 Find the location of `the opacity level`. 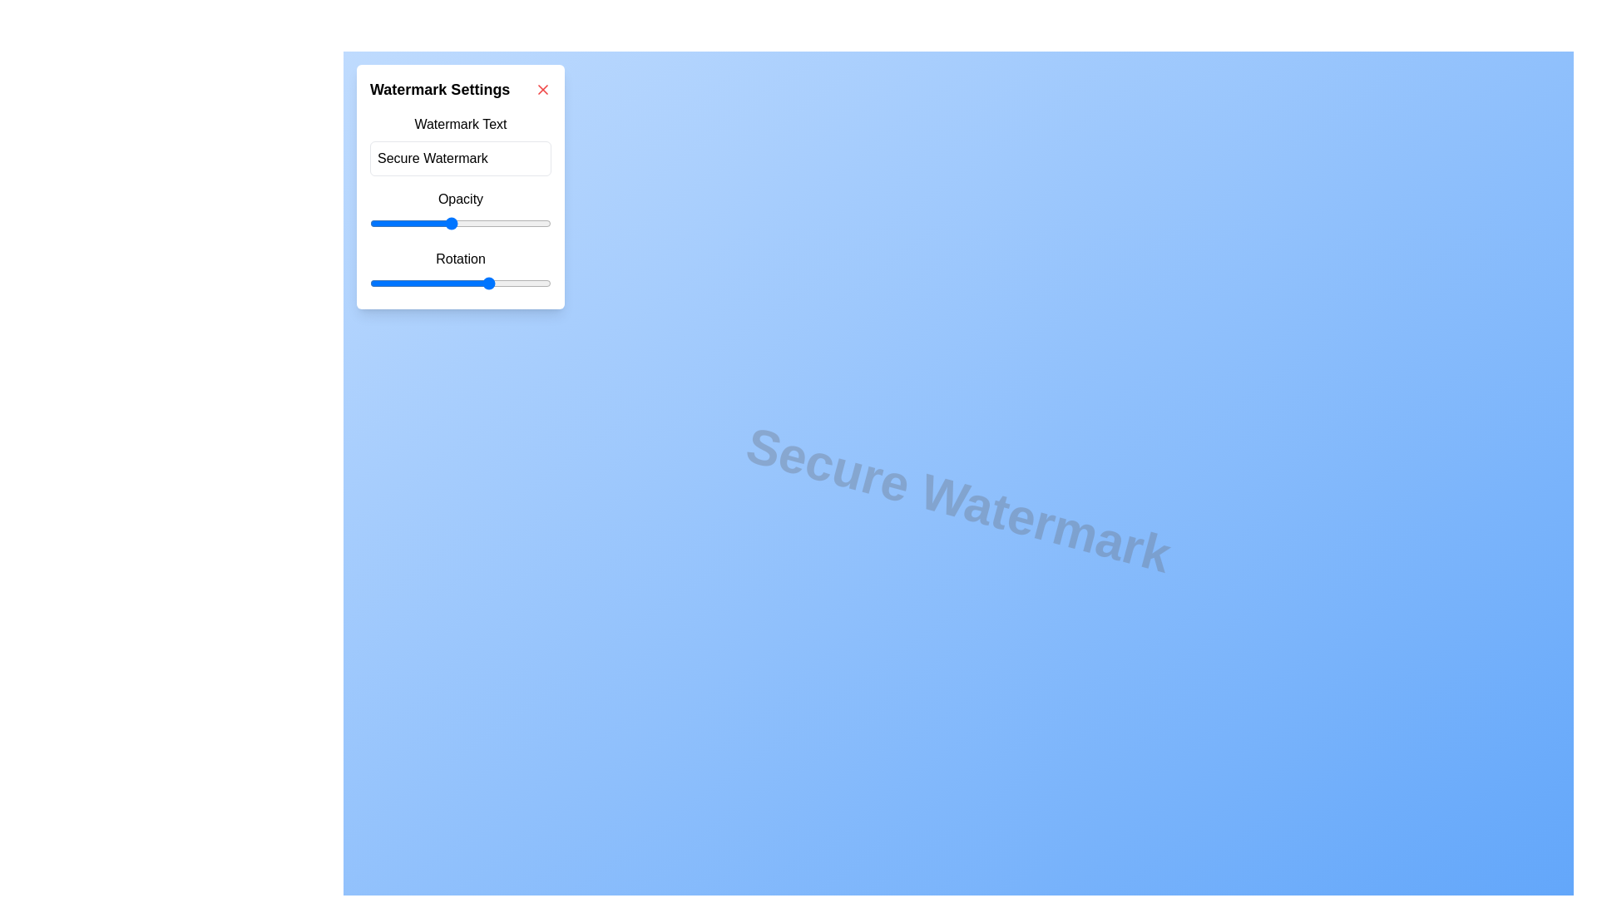

the opacity level is located at coordinates (349, 223).